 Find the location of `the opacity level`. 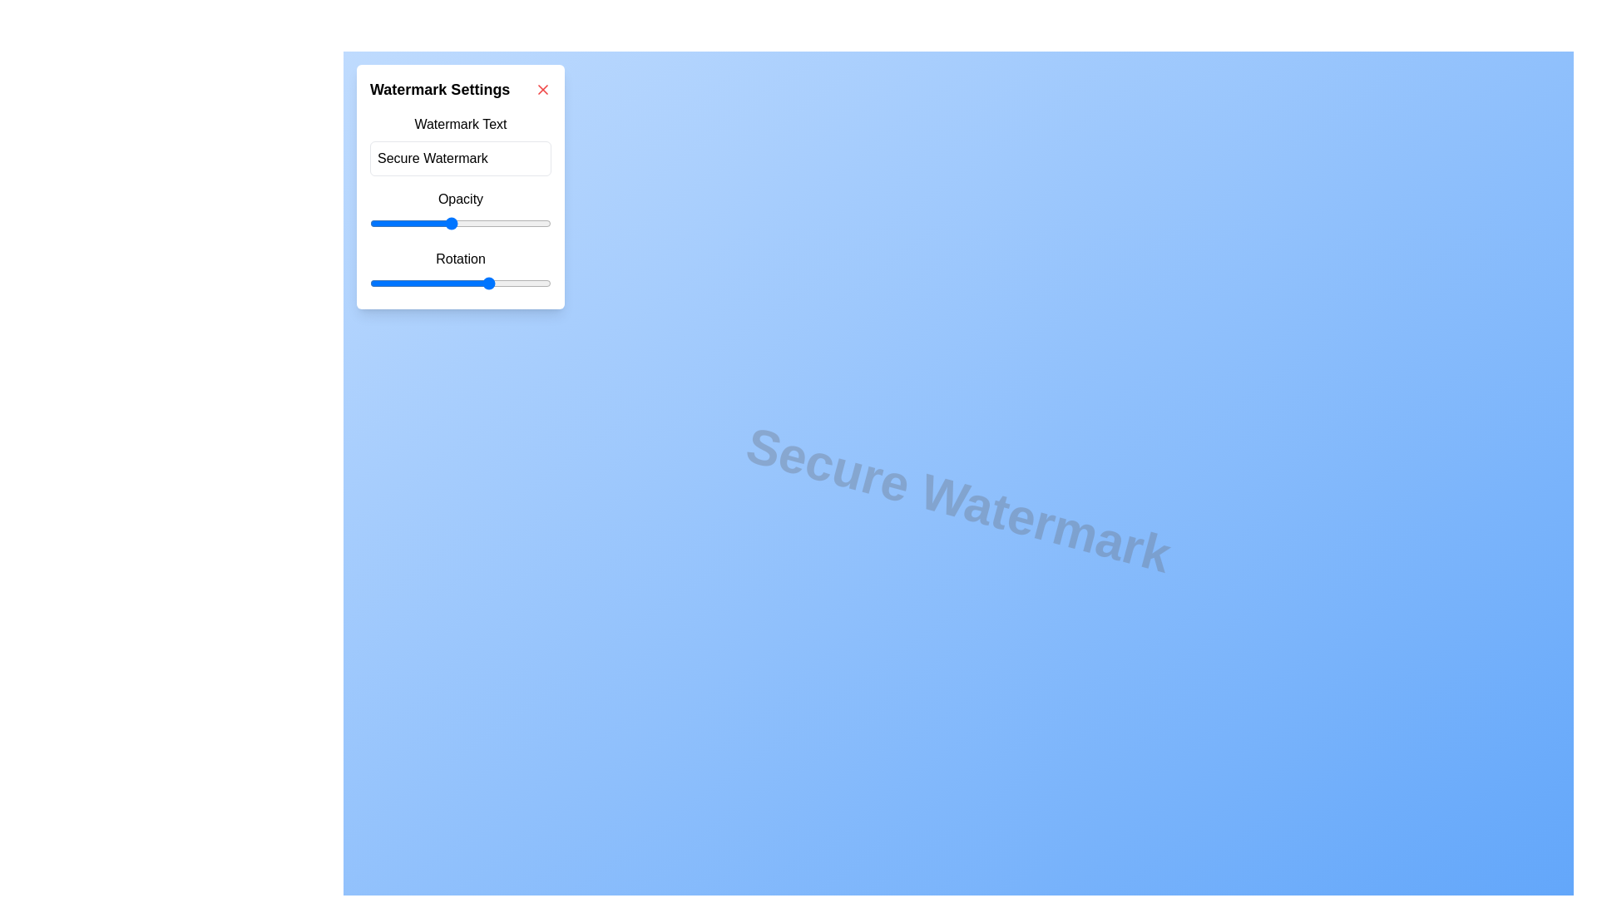

the opacity level is located at coordinates (349, 223).